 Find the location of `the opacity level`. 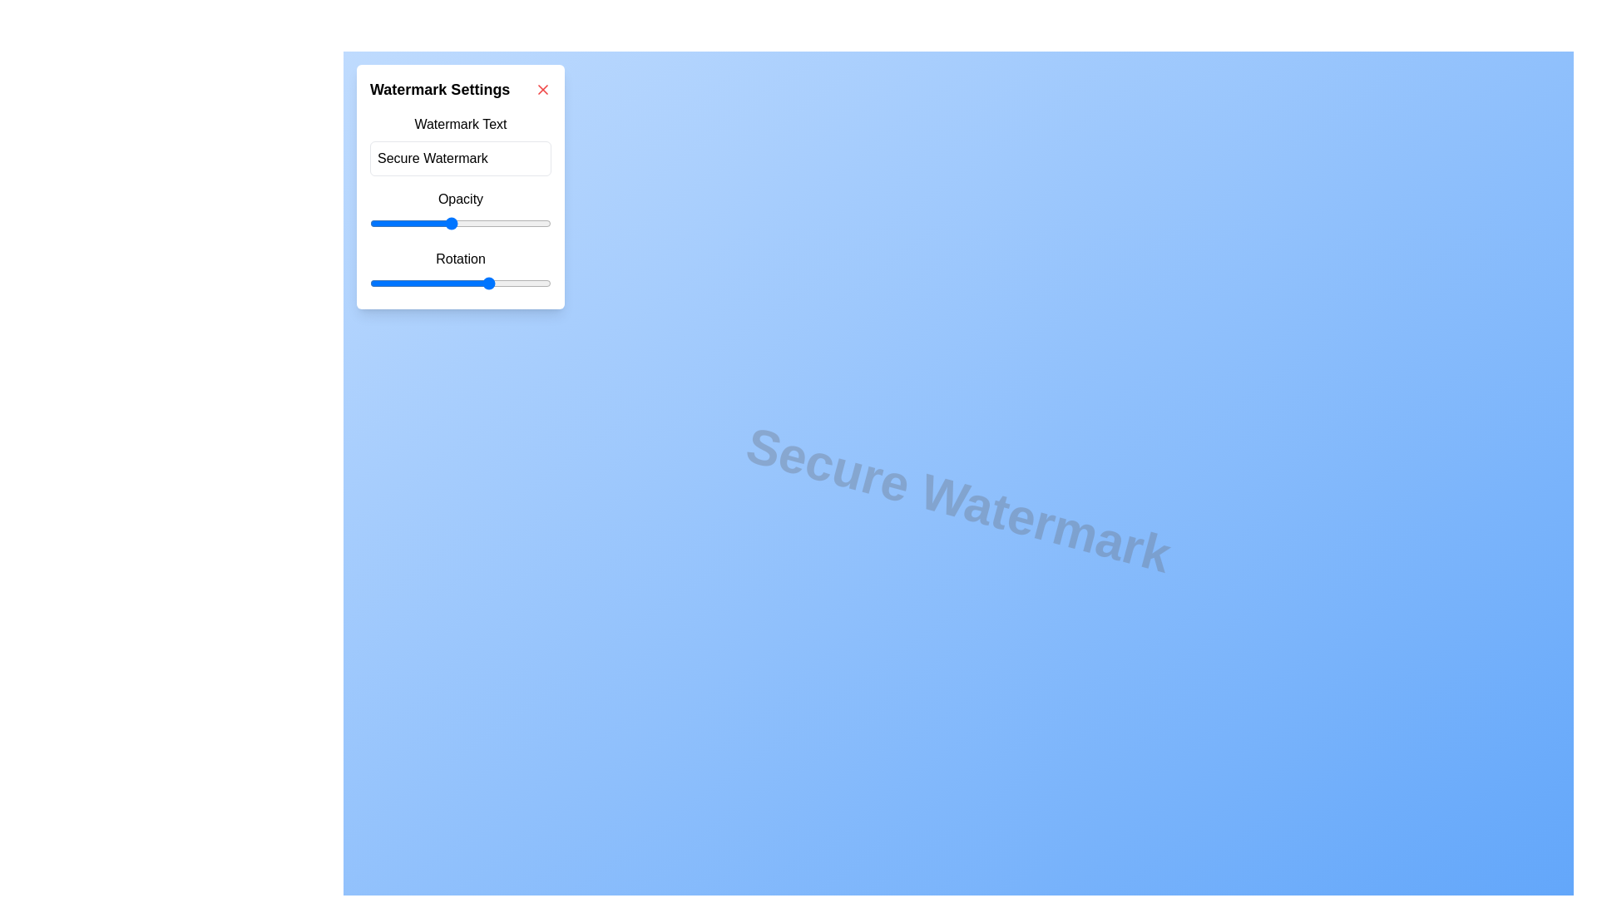

the opacity level is located at coordinates (349, 223).